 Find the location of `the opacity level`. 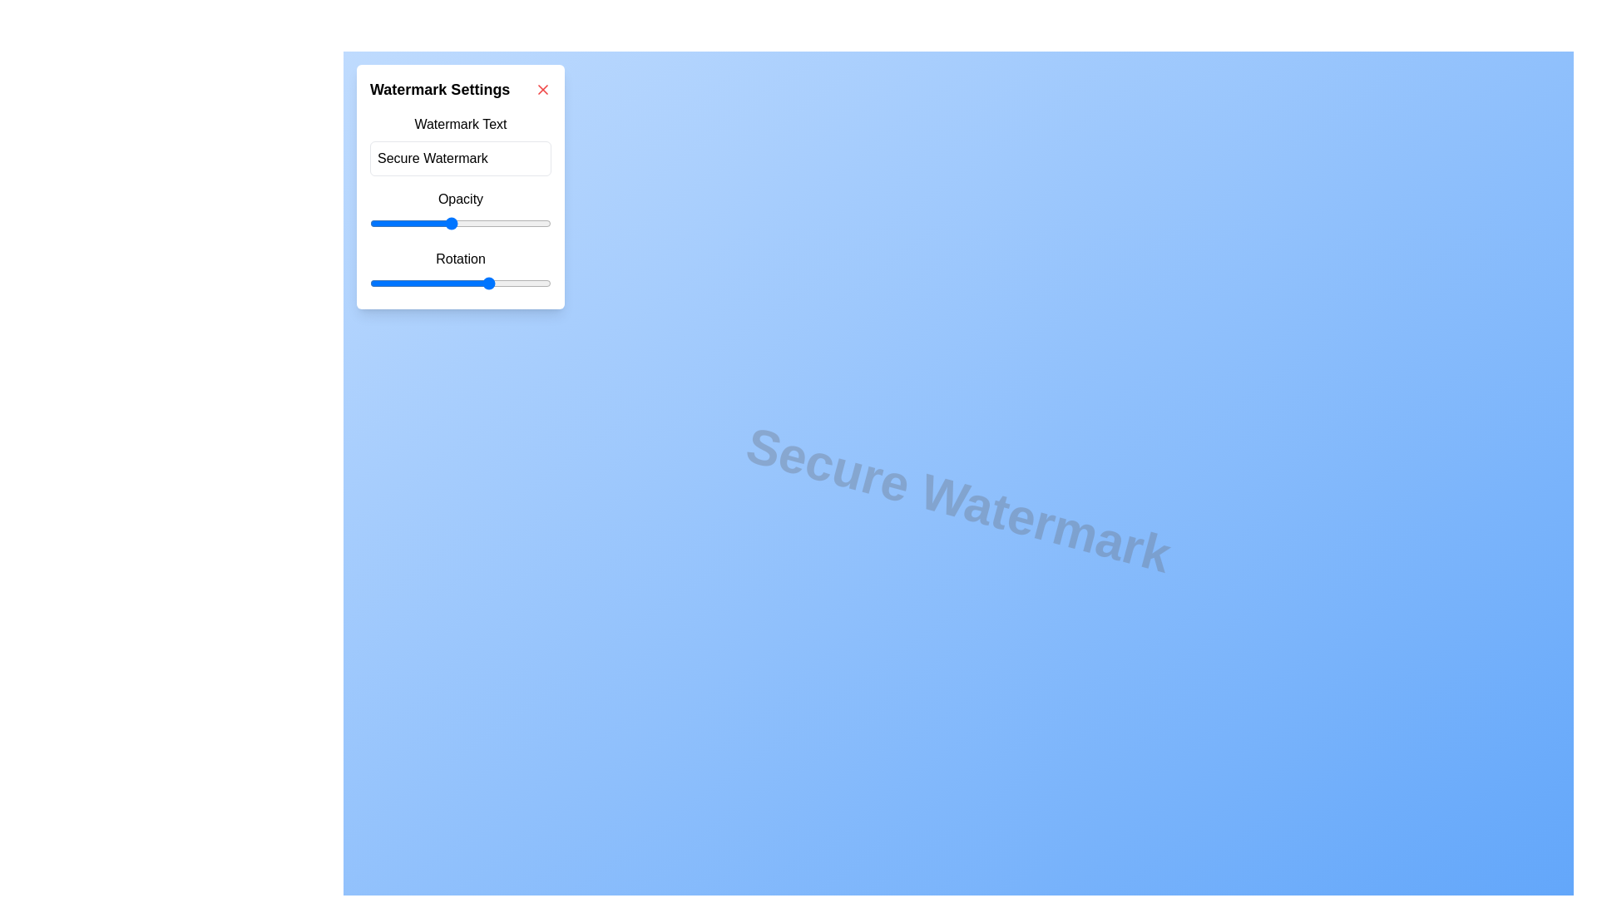

the opacity level is located at coordinates (349, 223).